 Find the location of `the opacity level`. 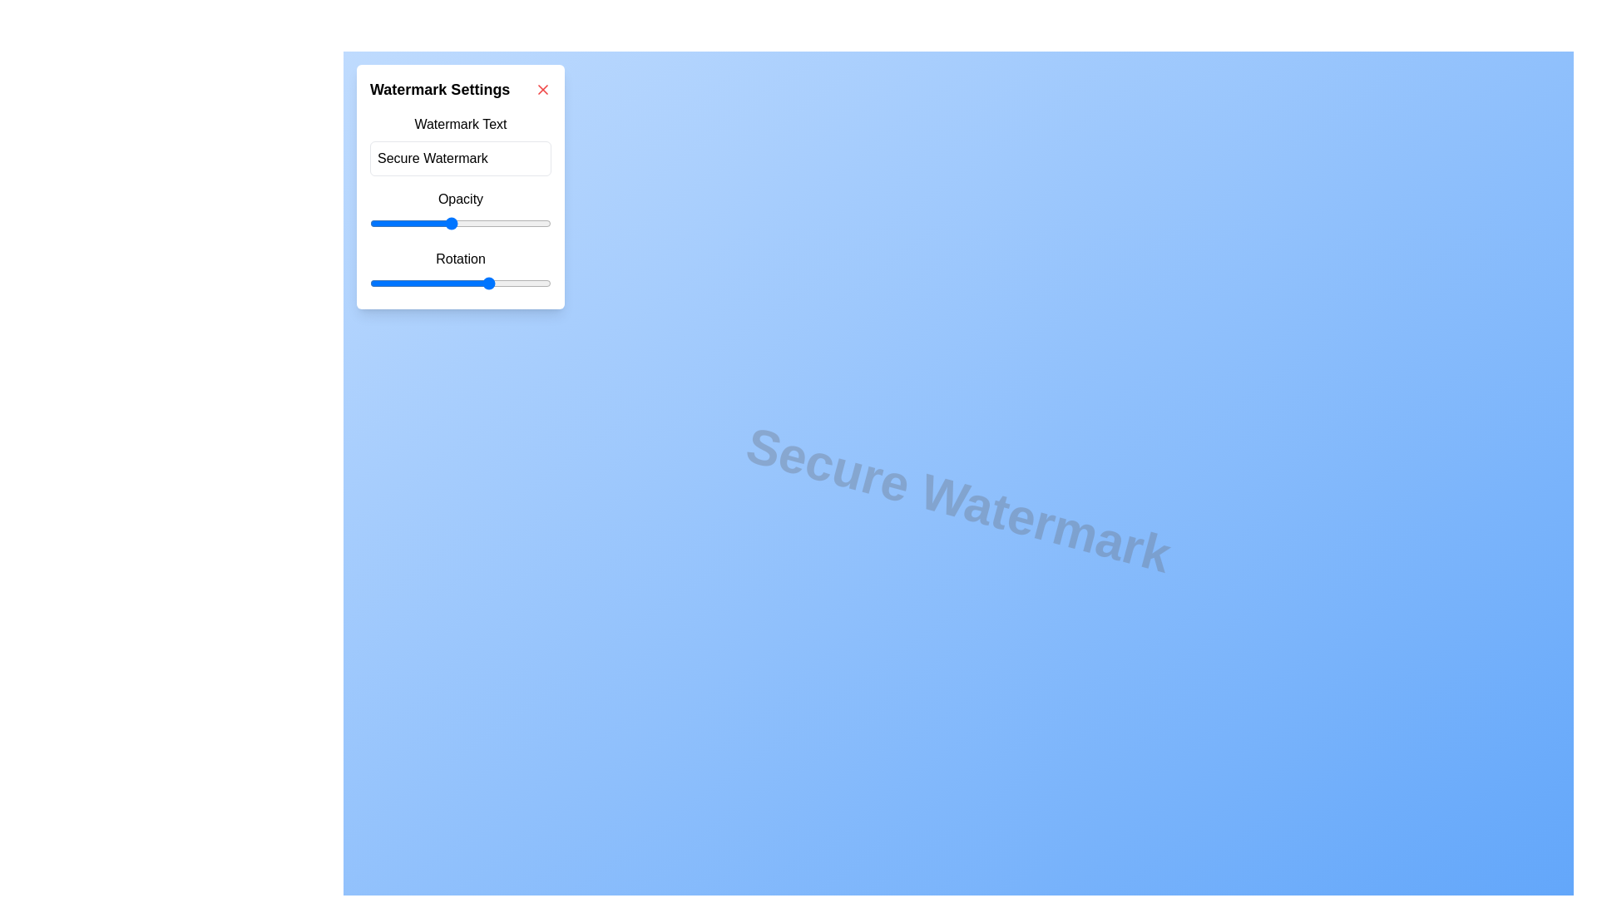

the opacity level is located at coordinates (349, 223).